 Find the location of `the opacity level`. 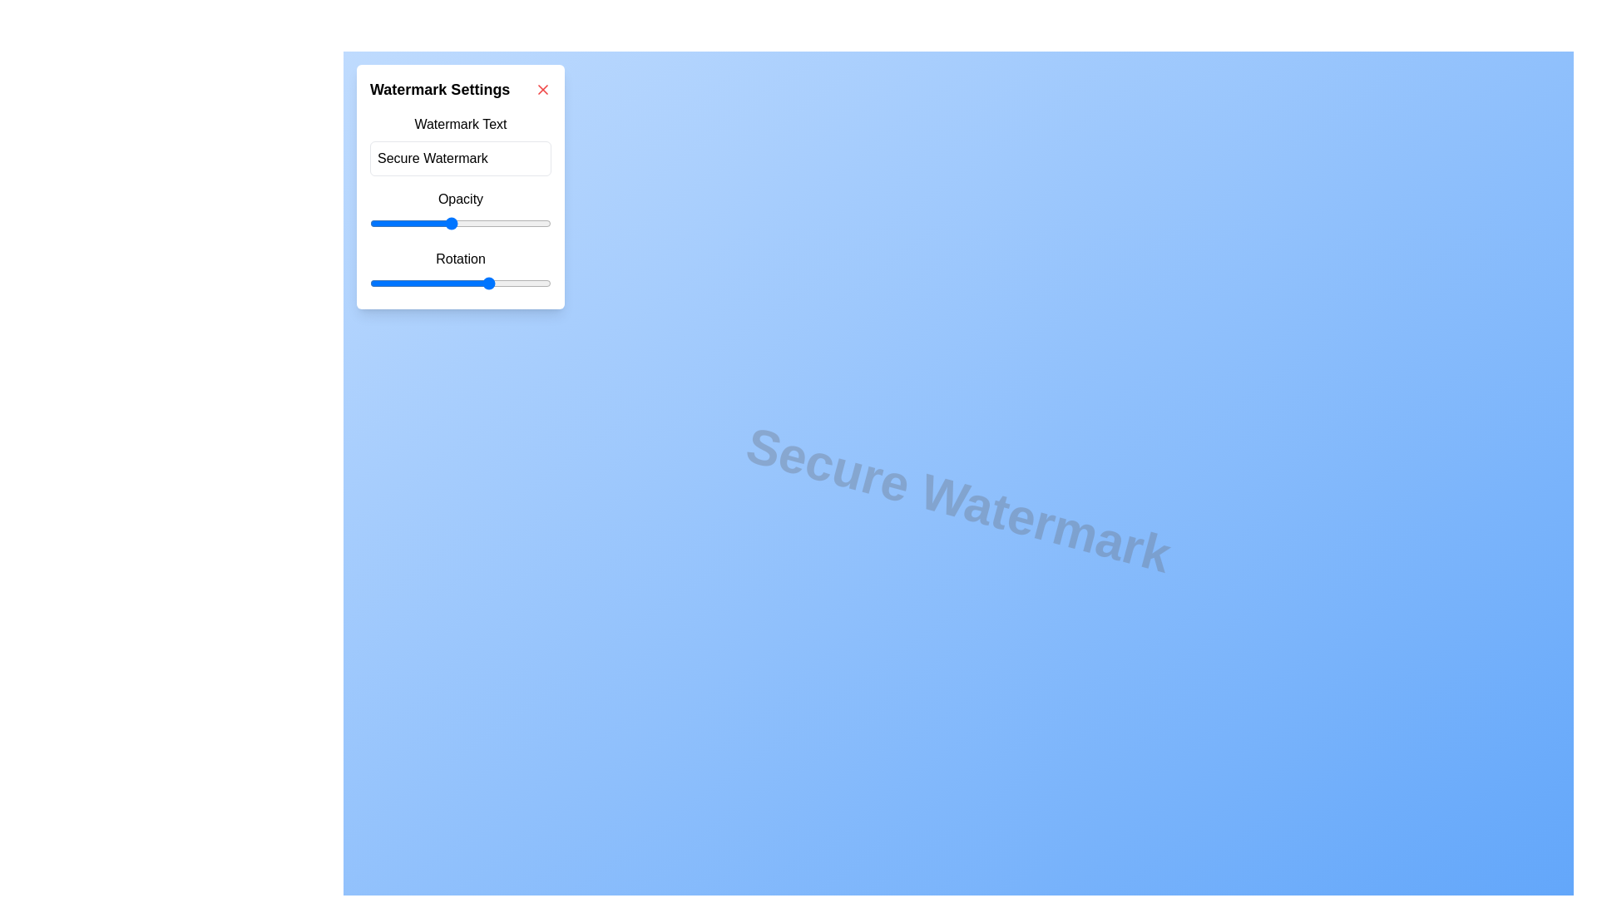

the opacity level is located at coordinates (349, 223).